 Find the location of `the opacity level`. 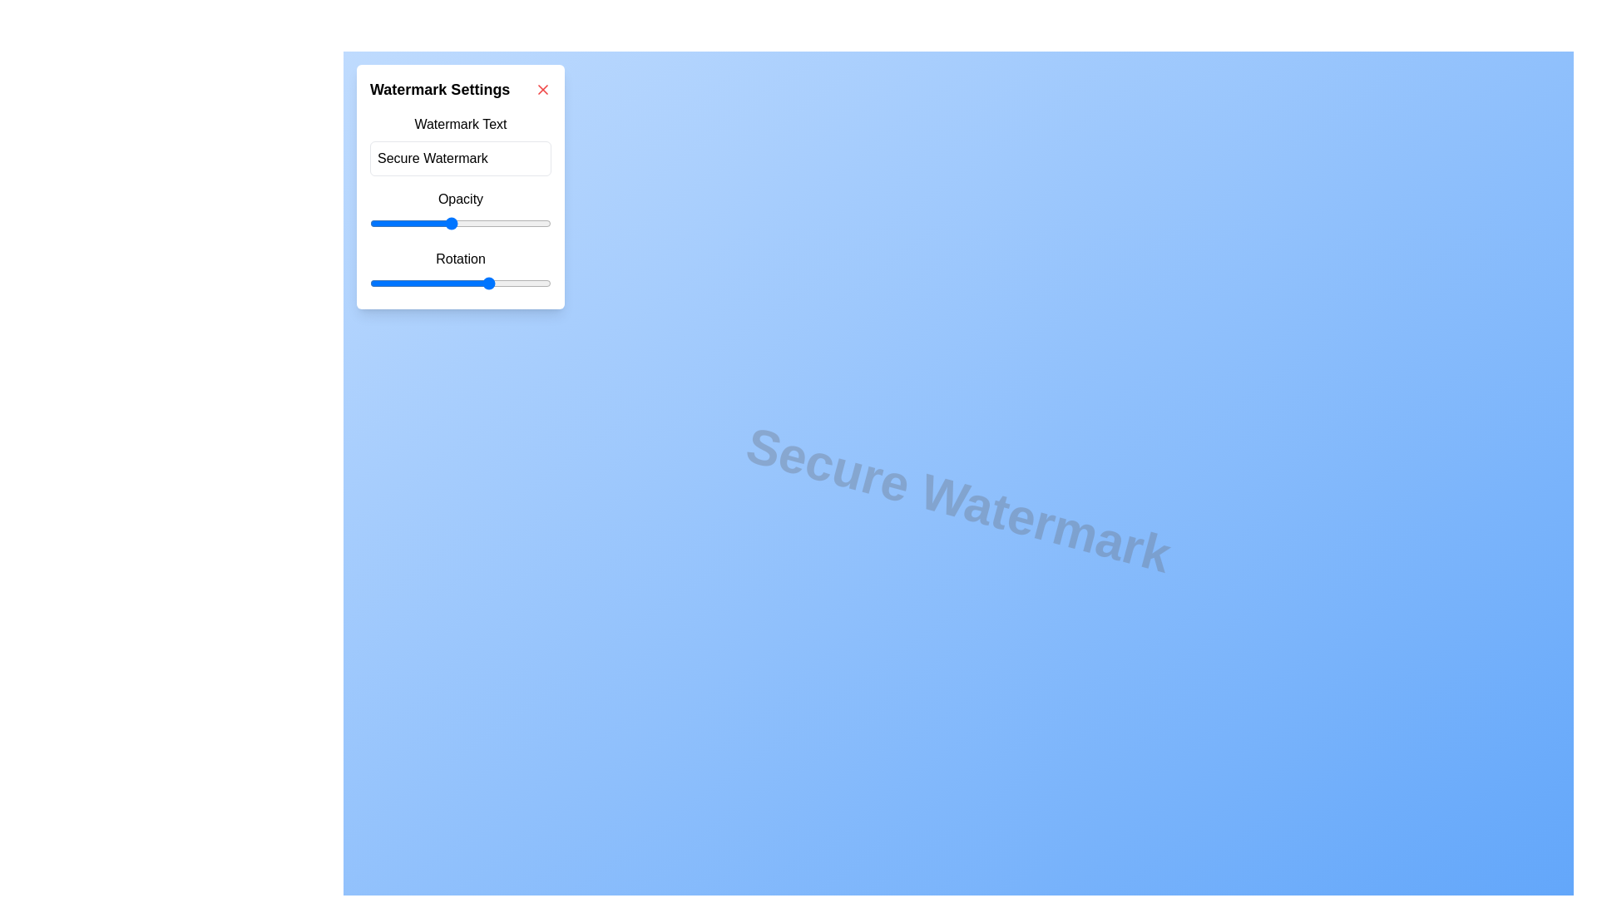

the opacity level is located at coordinates (349, 223).